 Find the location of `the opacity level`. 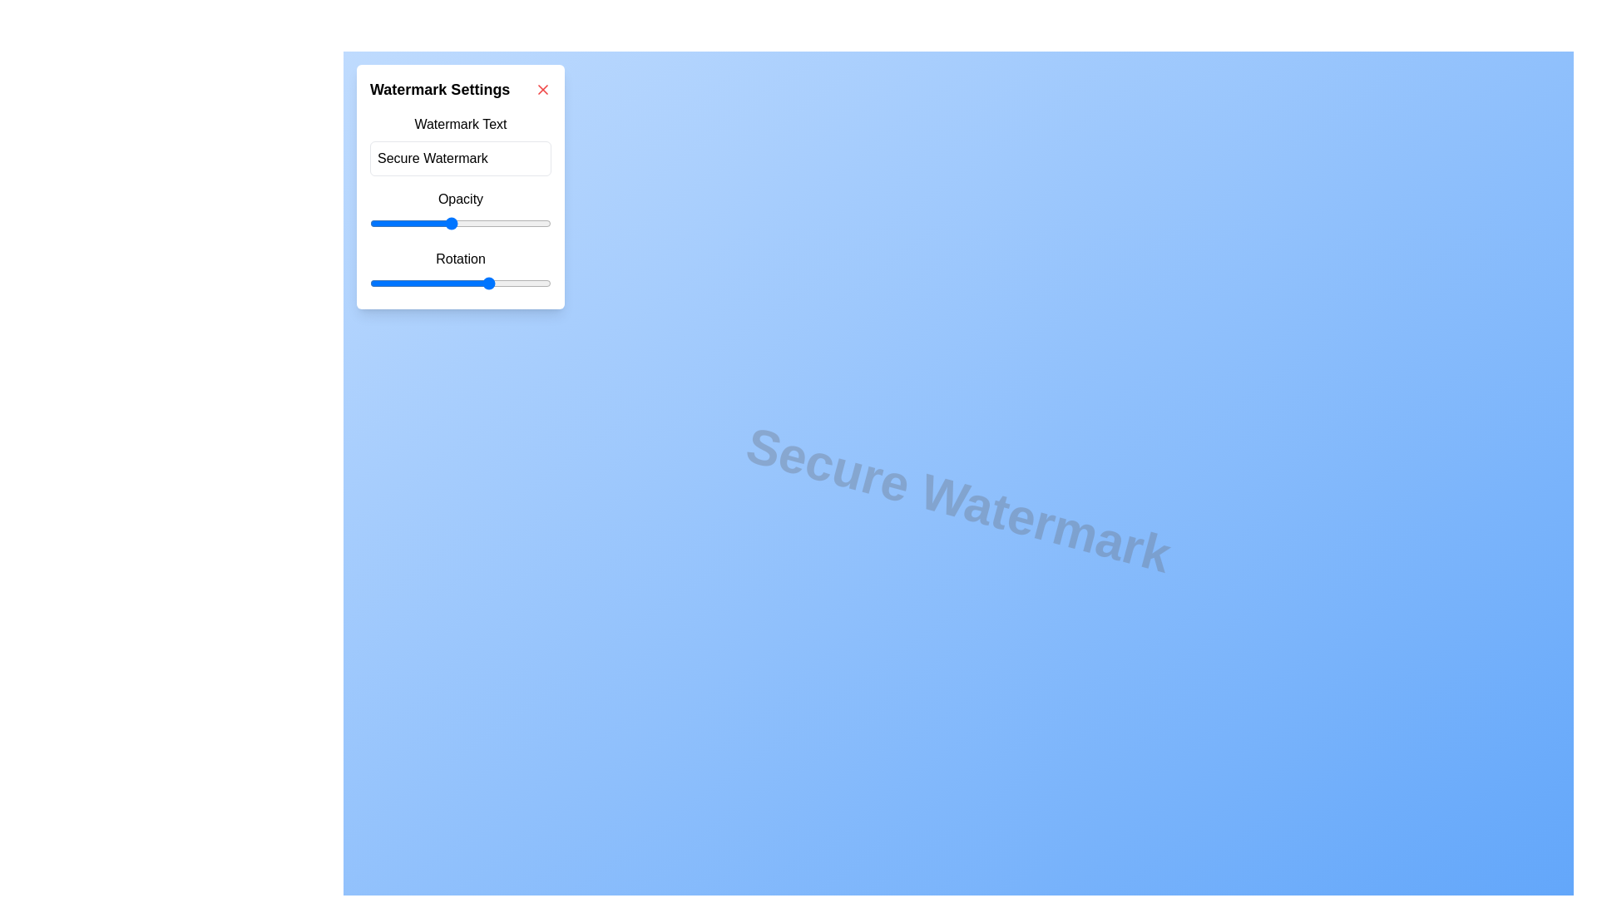

the opacity level is located at coordinates (349, 223).